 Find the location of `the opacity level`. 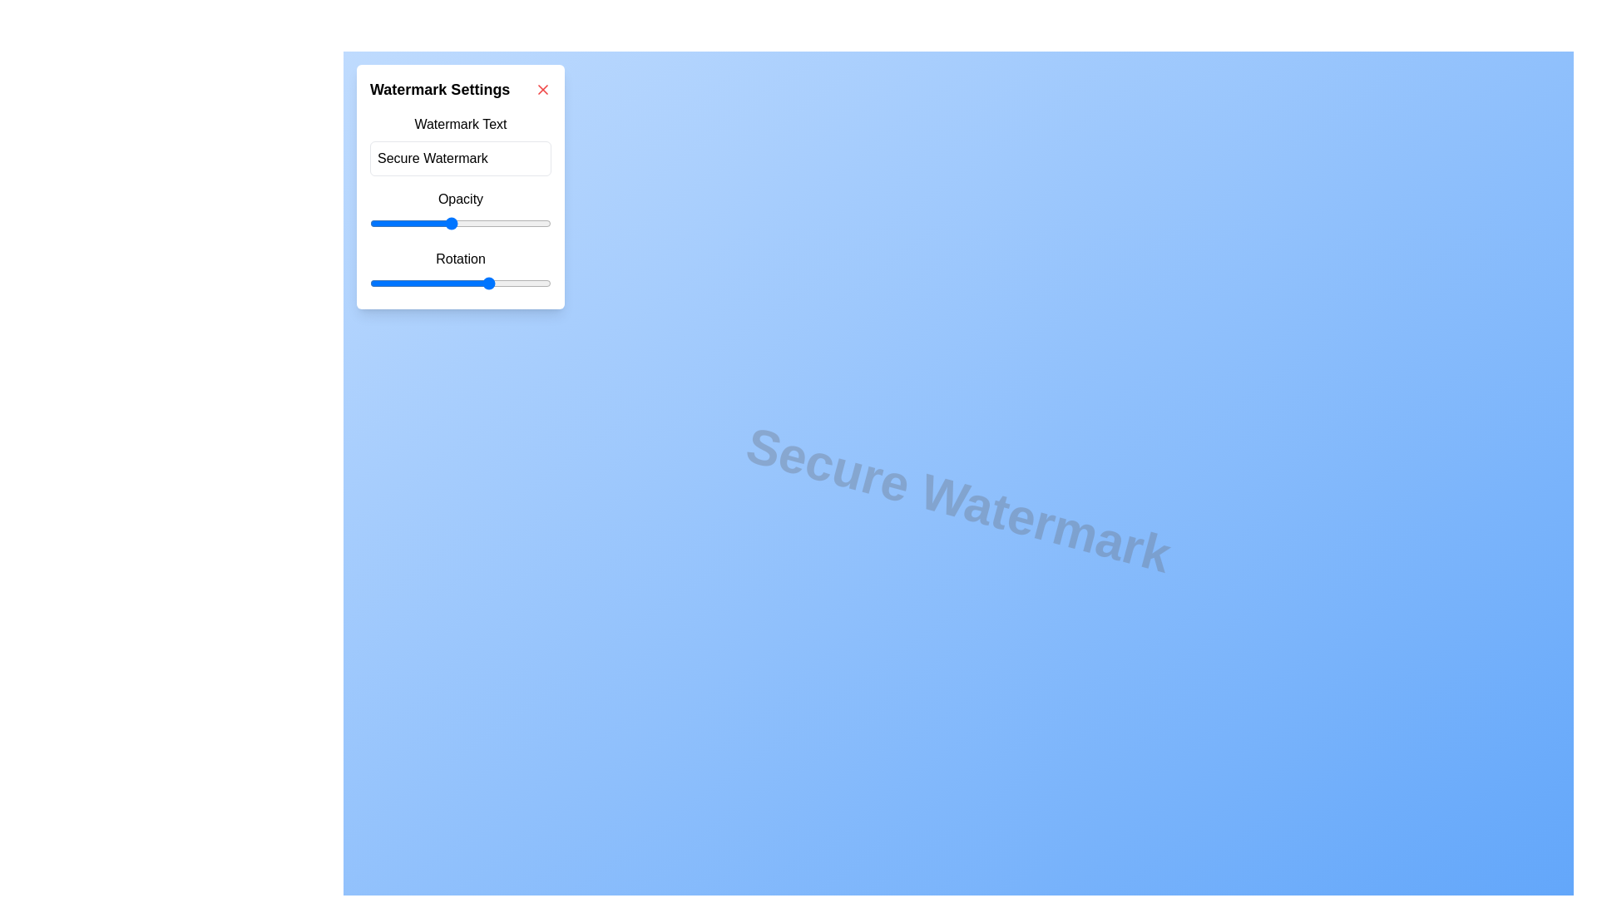

the opacity level is located at coordinates (349, 223).